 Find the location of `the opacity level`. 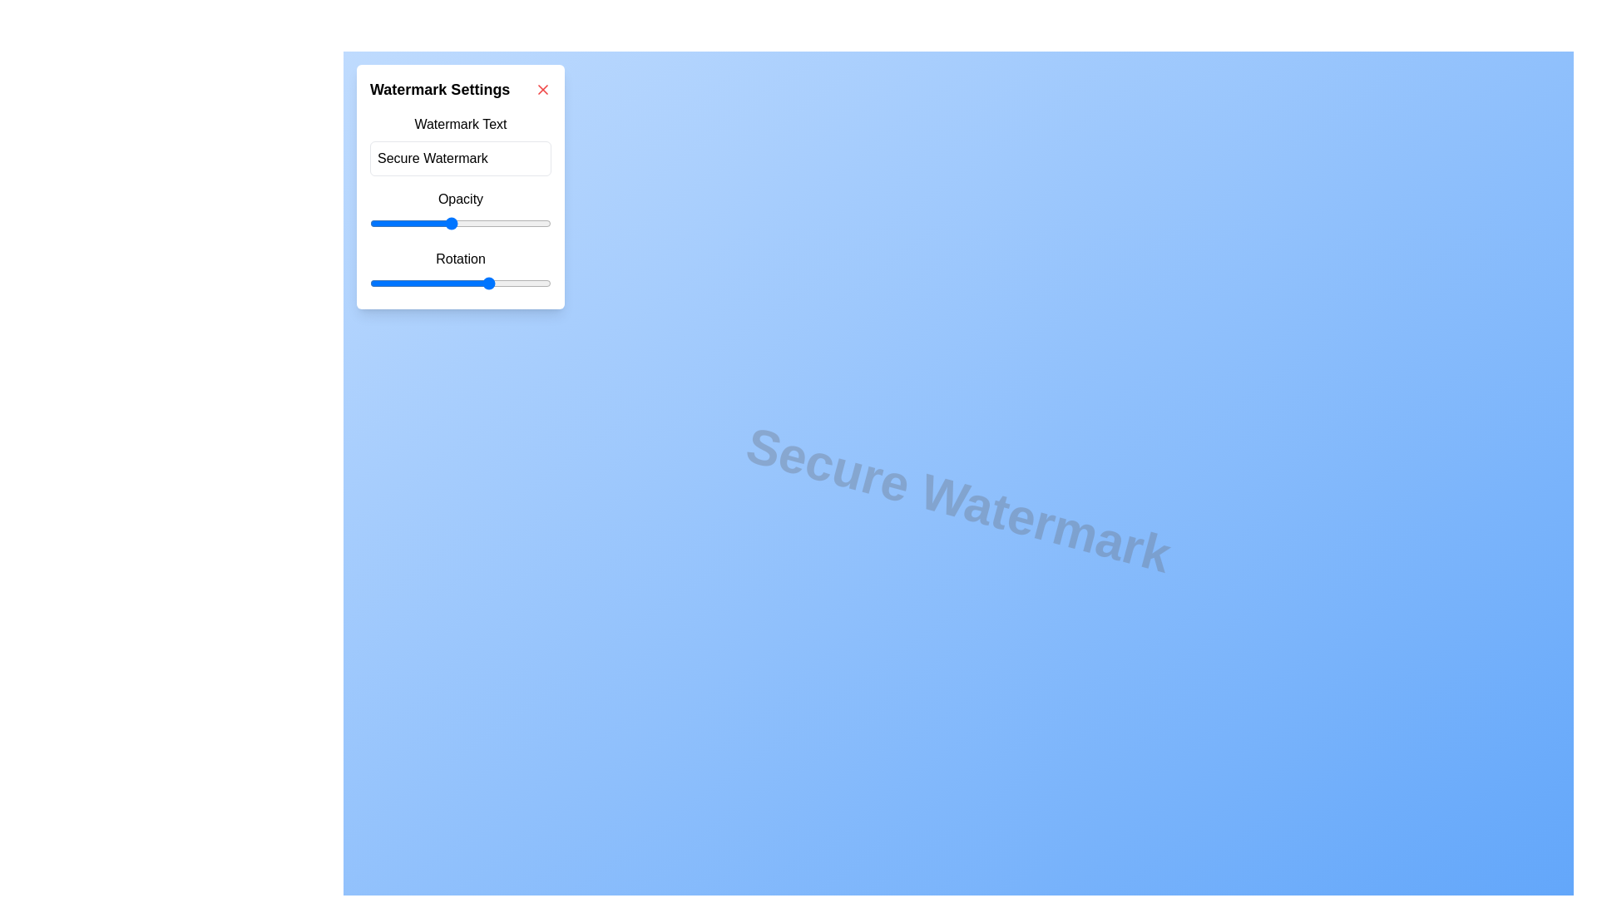

the opacity level is located at coordinates (349, 223).